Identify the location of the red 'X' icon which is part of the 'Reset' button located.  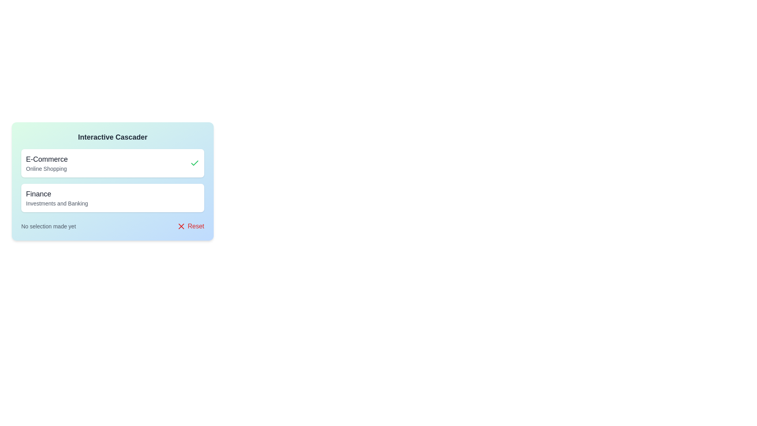
(181, 226).